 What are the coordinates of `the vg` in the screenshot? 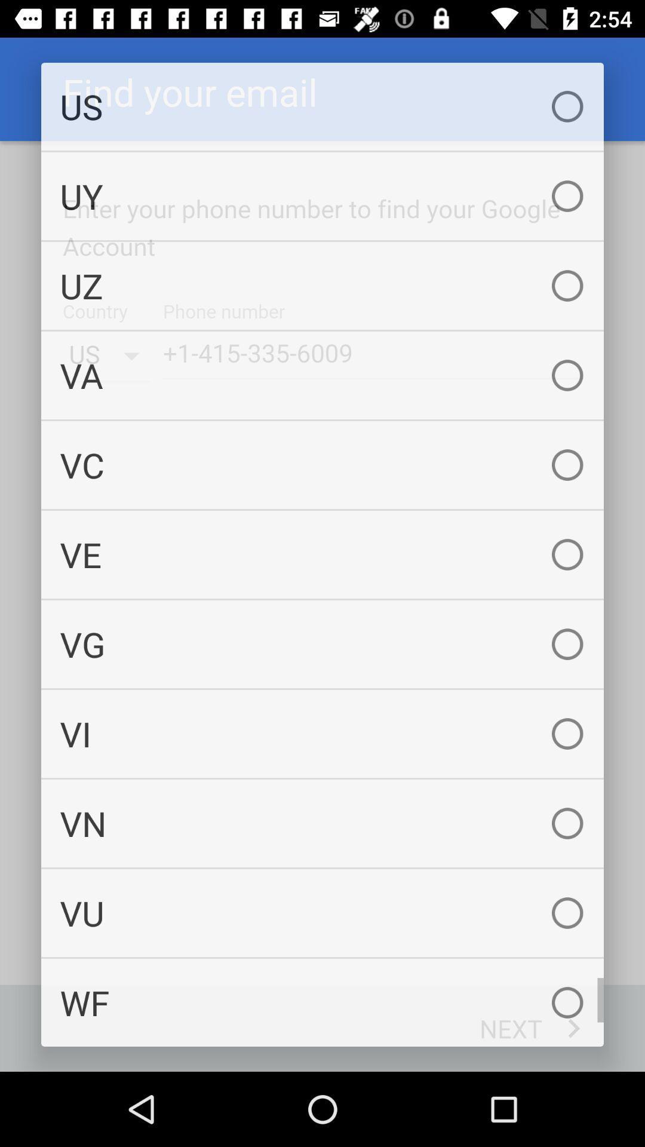 It's located at (322, 643).